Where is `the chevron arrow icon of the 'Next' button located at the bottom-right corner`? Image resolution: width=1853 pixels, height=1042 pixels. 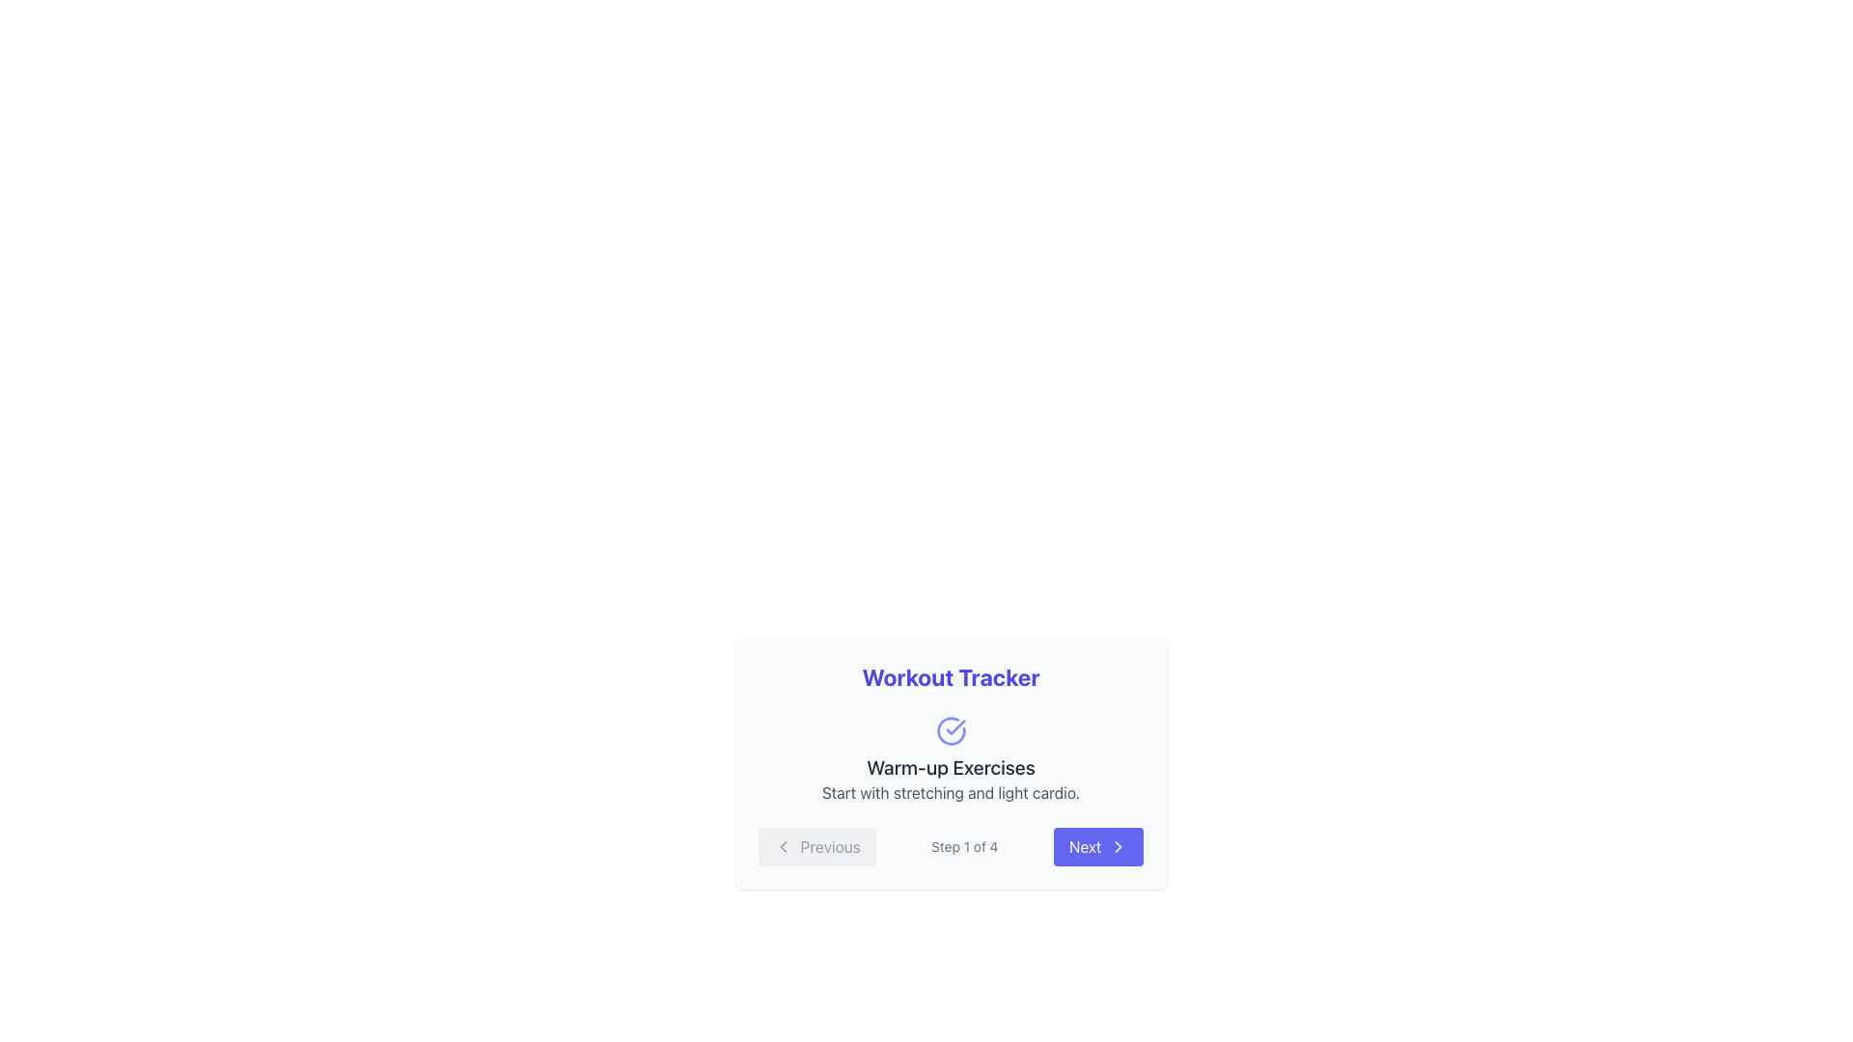 the chevron arrow icon of the 'Next' button located at the bottom-right corner is located at coordinates (1119, 846).